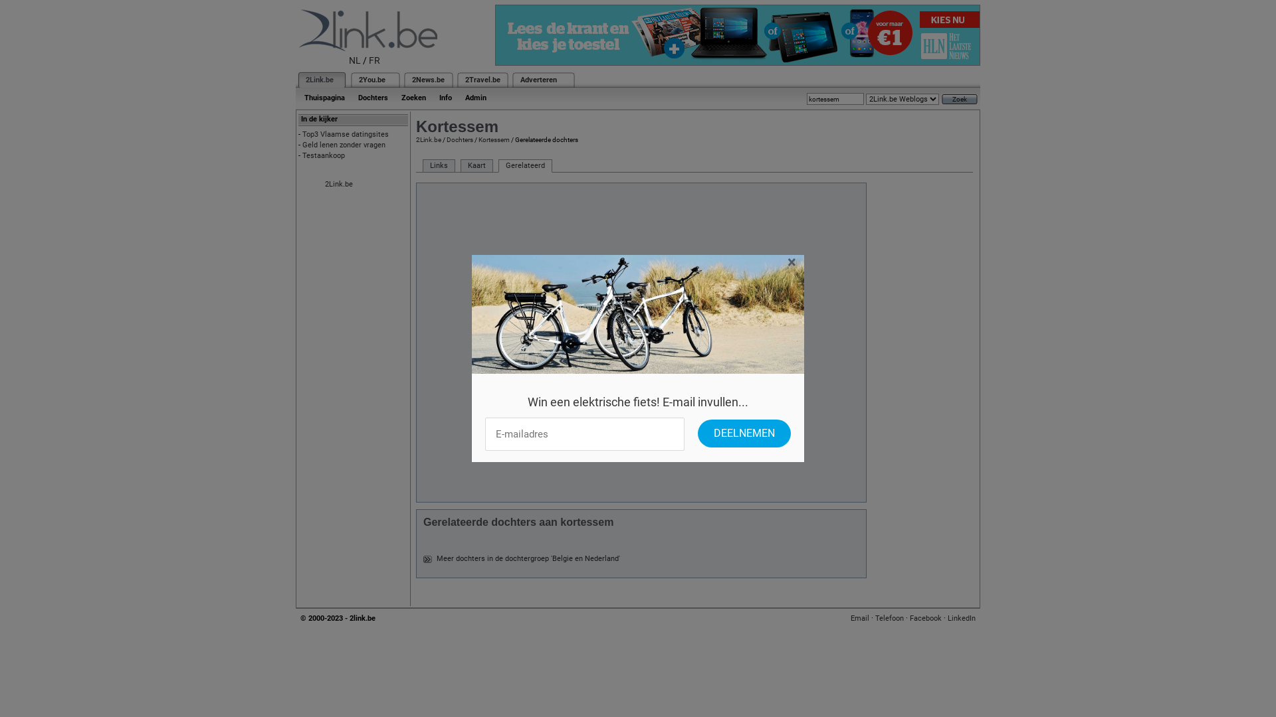 This screenshot has width=1276, height=717. What do you see at coordinates (475, 97) in the screenshot?
I see `'Admin'` at bounding box center [475, 97].